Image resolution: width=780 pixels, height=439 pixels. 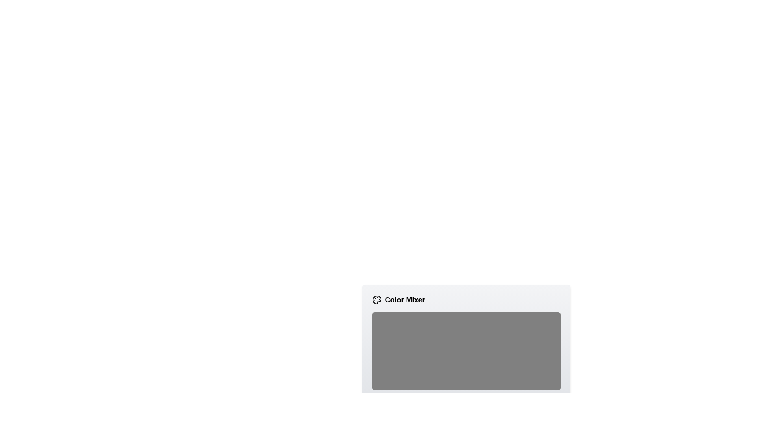 What do you see at coordinates (376, 300) in the screenshot?
I see `the palette icon located to the immediate left of the 'Color Mixer' text in the header section to visually enhance the user's understanding of the feature` at bounding box center [376, 300].